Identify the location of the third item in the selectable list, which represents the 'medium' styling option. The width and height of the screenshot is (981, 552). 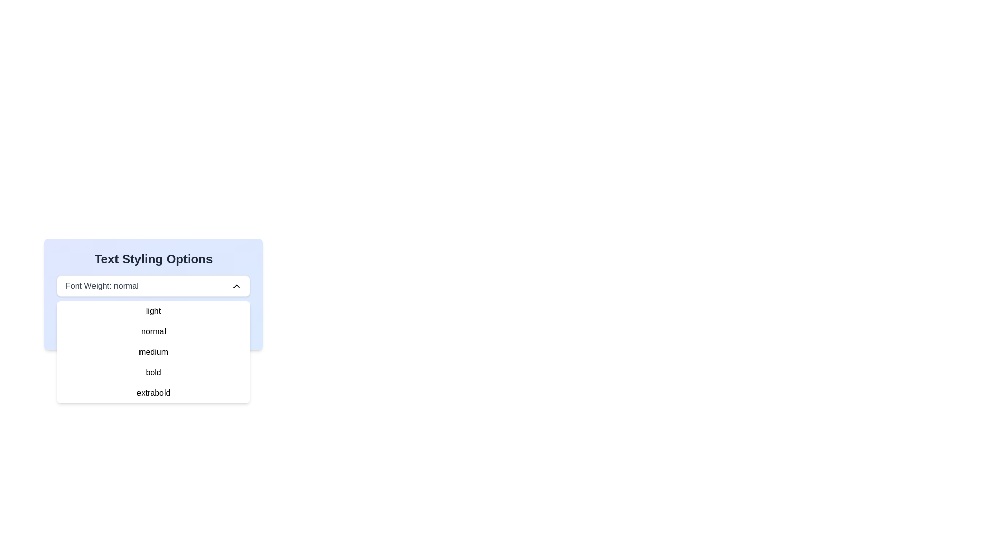
(153, 352).